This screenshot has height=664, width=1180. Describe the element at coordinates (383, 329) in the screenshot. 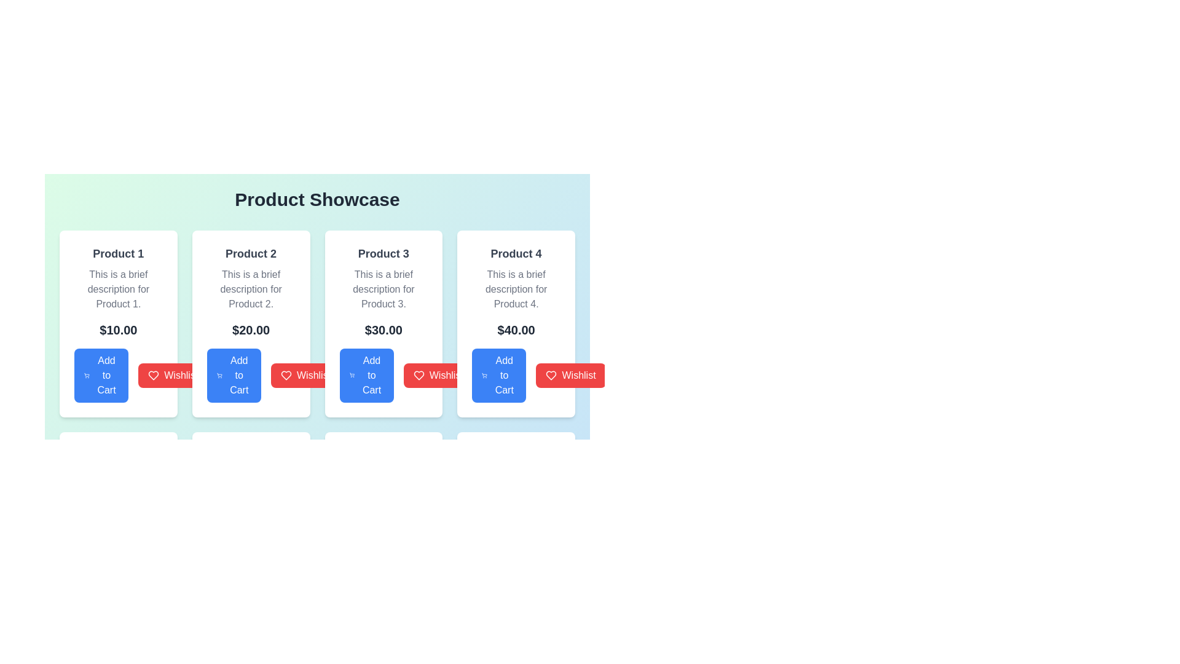

I see `the price text label located in the third product card of a grid layout, which is positioned below the description and above the interactive buttons` at that location.